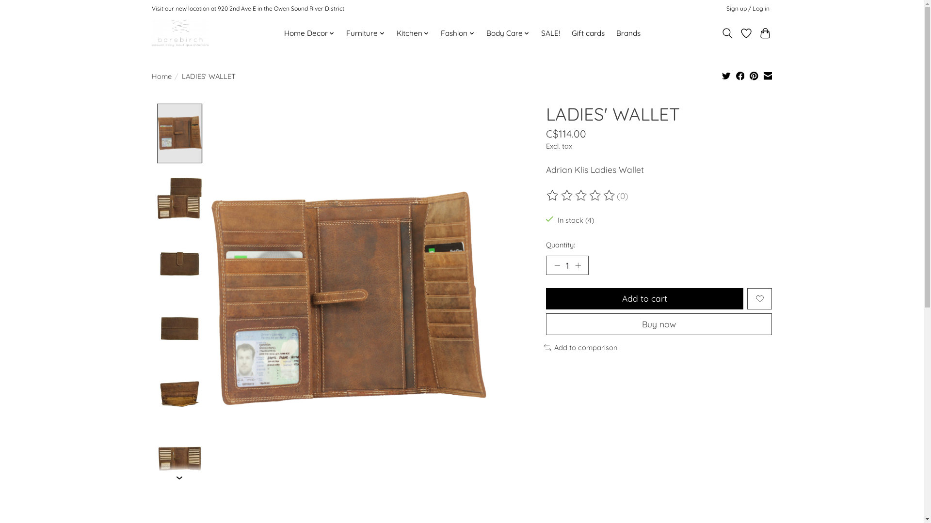 This screenshot has width=931, height=523. Describe the element at coordinates (365, 32) in the screenshot. I see `'Furniture'` at that location.